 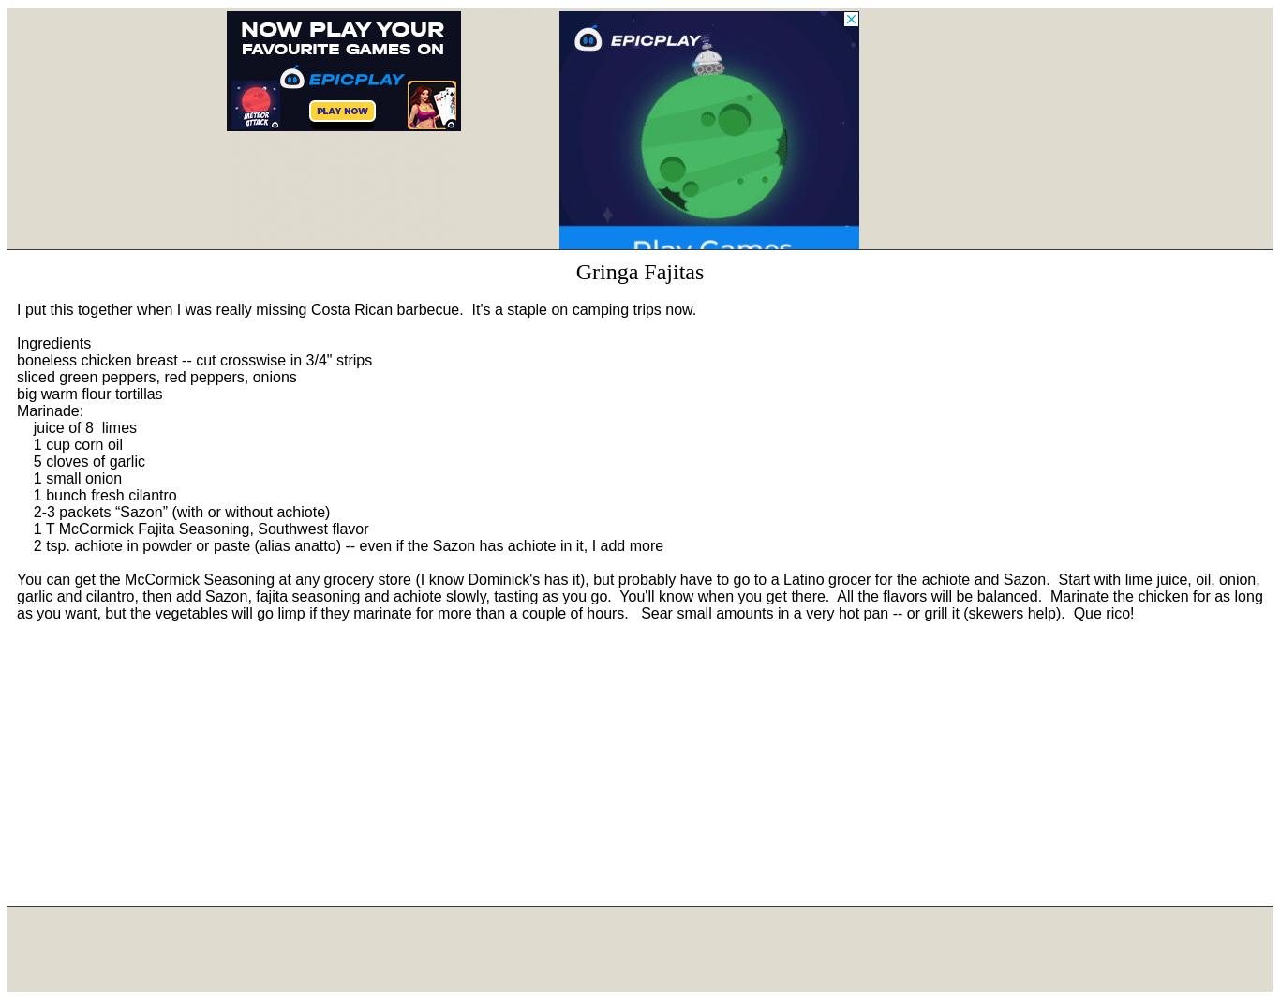 I want to click on 'I put this together when I was really missing Costa Rican barbecue.  It's a staple on camping trips now.', so click(x=355, y=309).